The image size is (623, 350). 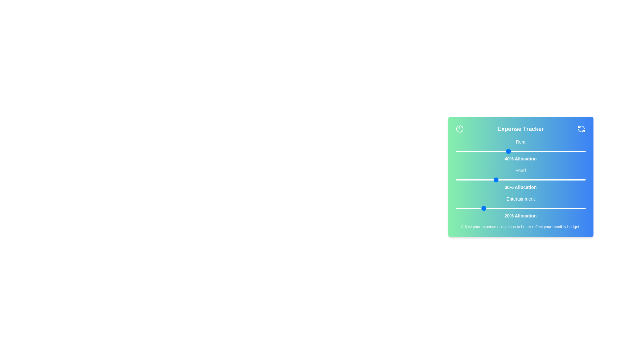 I want to click on the header icon pie_chart to perform its action, so click(x=459, y=129).